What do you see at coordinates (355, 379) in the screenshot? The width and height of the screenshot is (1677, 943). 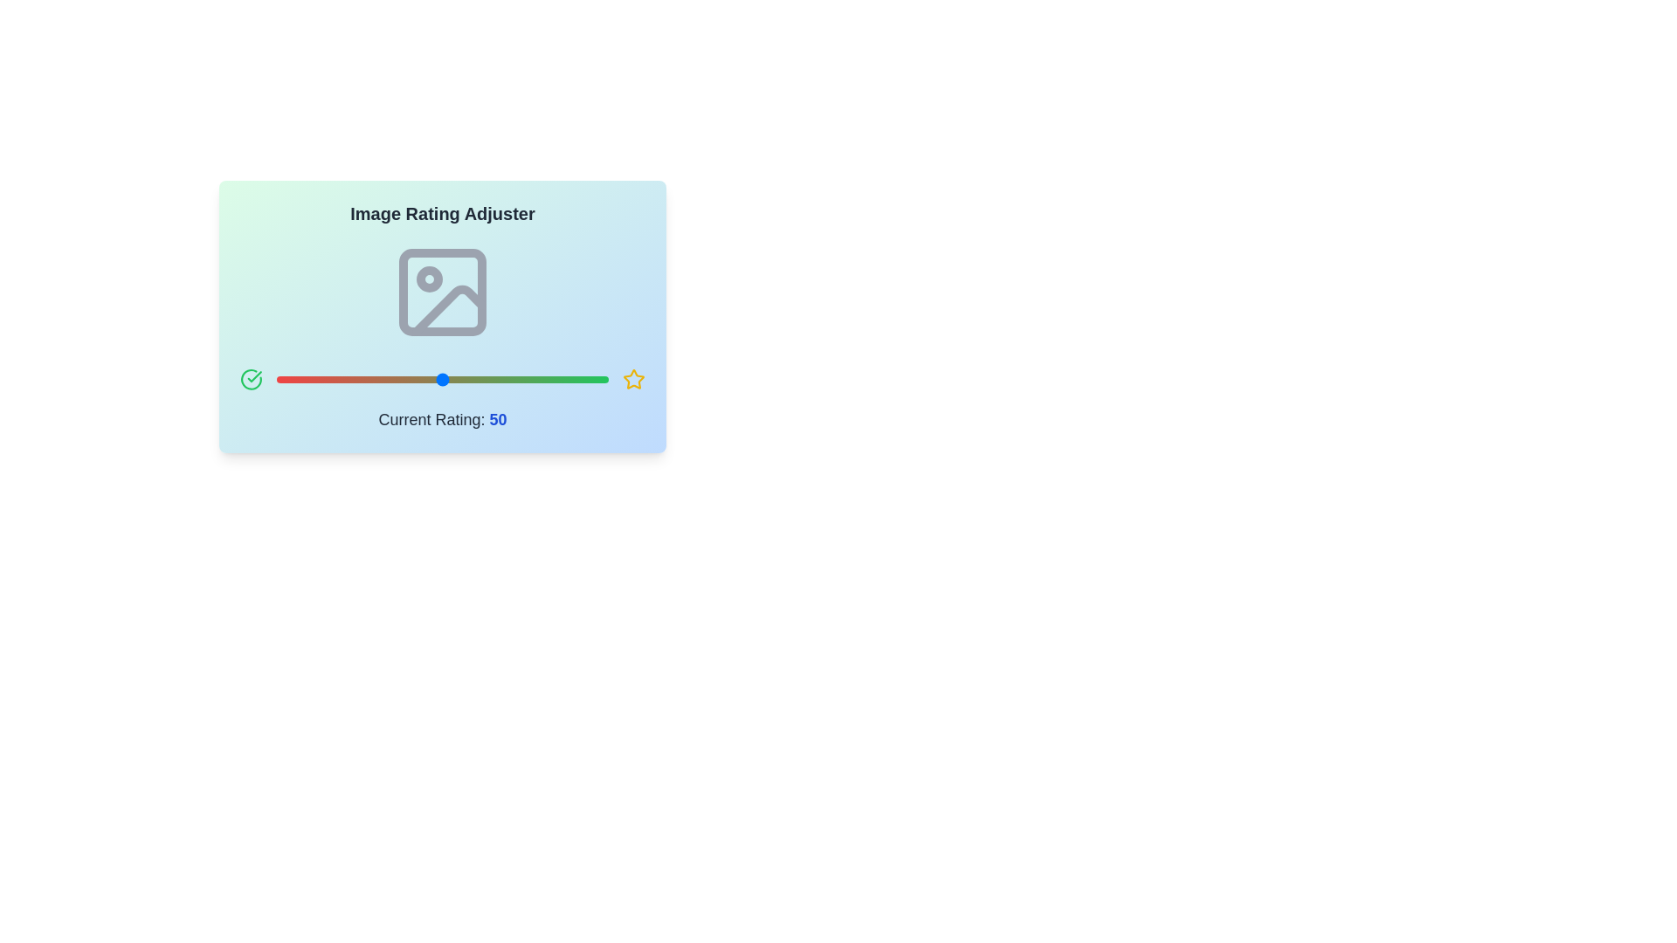 I see `the slider to set the rating to 24` at bounding box center [355, 379].